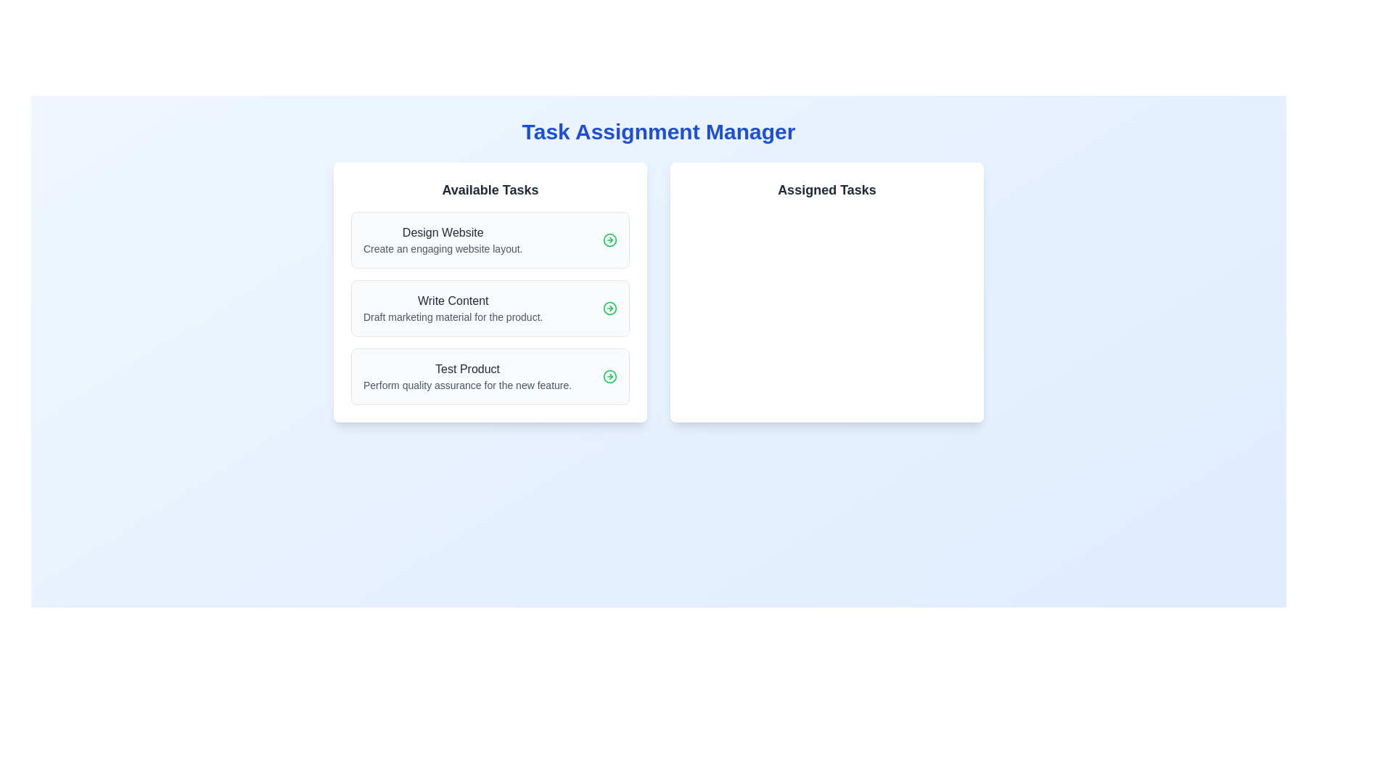 This screenshot has height=784, width=1393. I want to click on the static text displaying 'Create an engaging website layout.' which is positioned below the 'Design Website' text in the 'Available Tasks' section, so click(442, 248).